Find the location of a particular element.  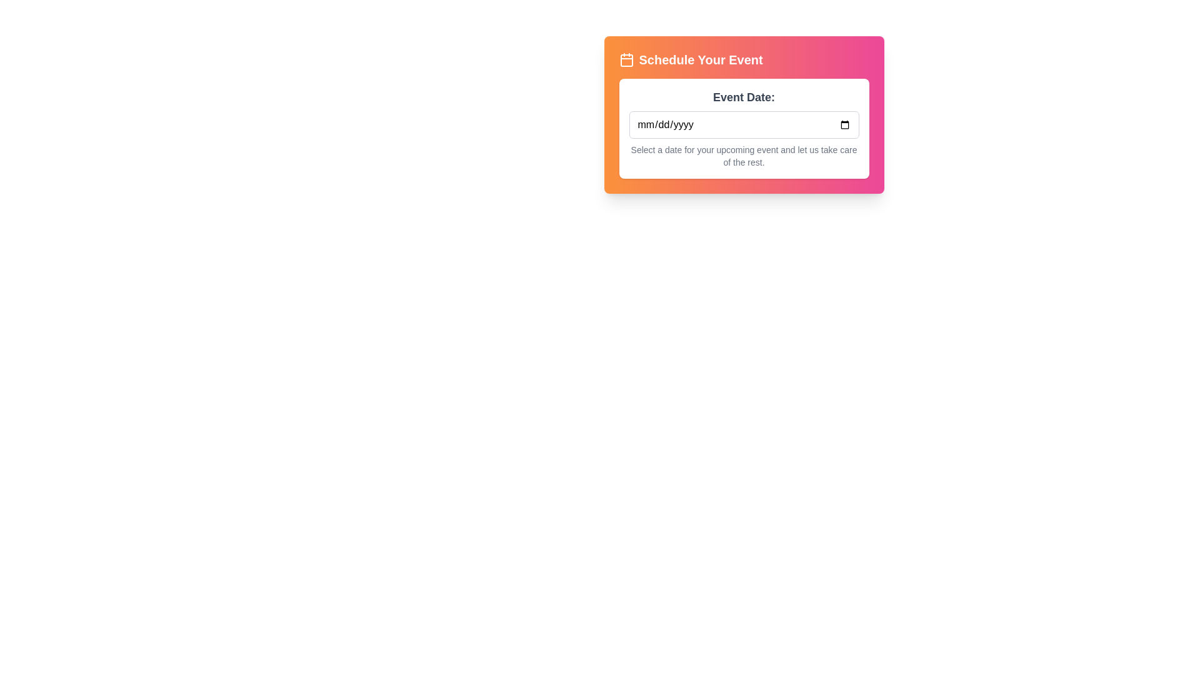

the header element that serves as the title for the associated card, which is positioned at the top of the card layout, directly above the 'Event Date' label is located at coordinates (744, 60).